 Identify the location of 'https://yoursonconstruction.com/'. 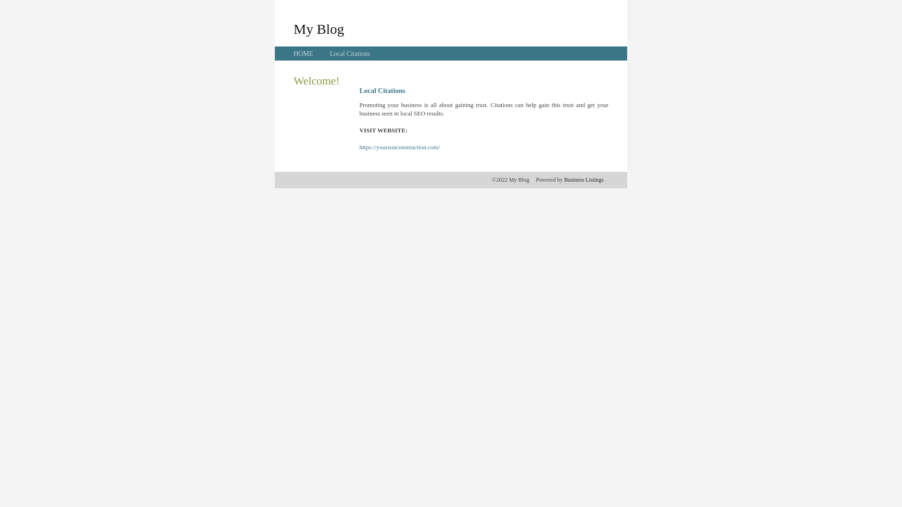
(358, 147).